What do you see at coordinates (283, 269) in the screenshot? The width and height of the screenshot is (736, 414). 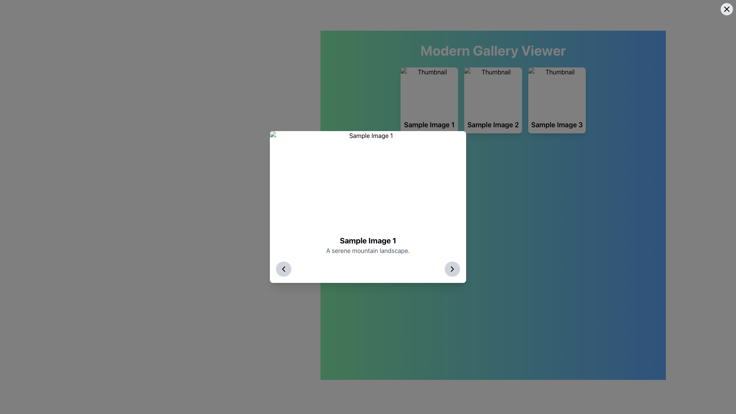 I see `the button located at the bottom-left corner of the modal` at bounding box center [283, 269].